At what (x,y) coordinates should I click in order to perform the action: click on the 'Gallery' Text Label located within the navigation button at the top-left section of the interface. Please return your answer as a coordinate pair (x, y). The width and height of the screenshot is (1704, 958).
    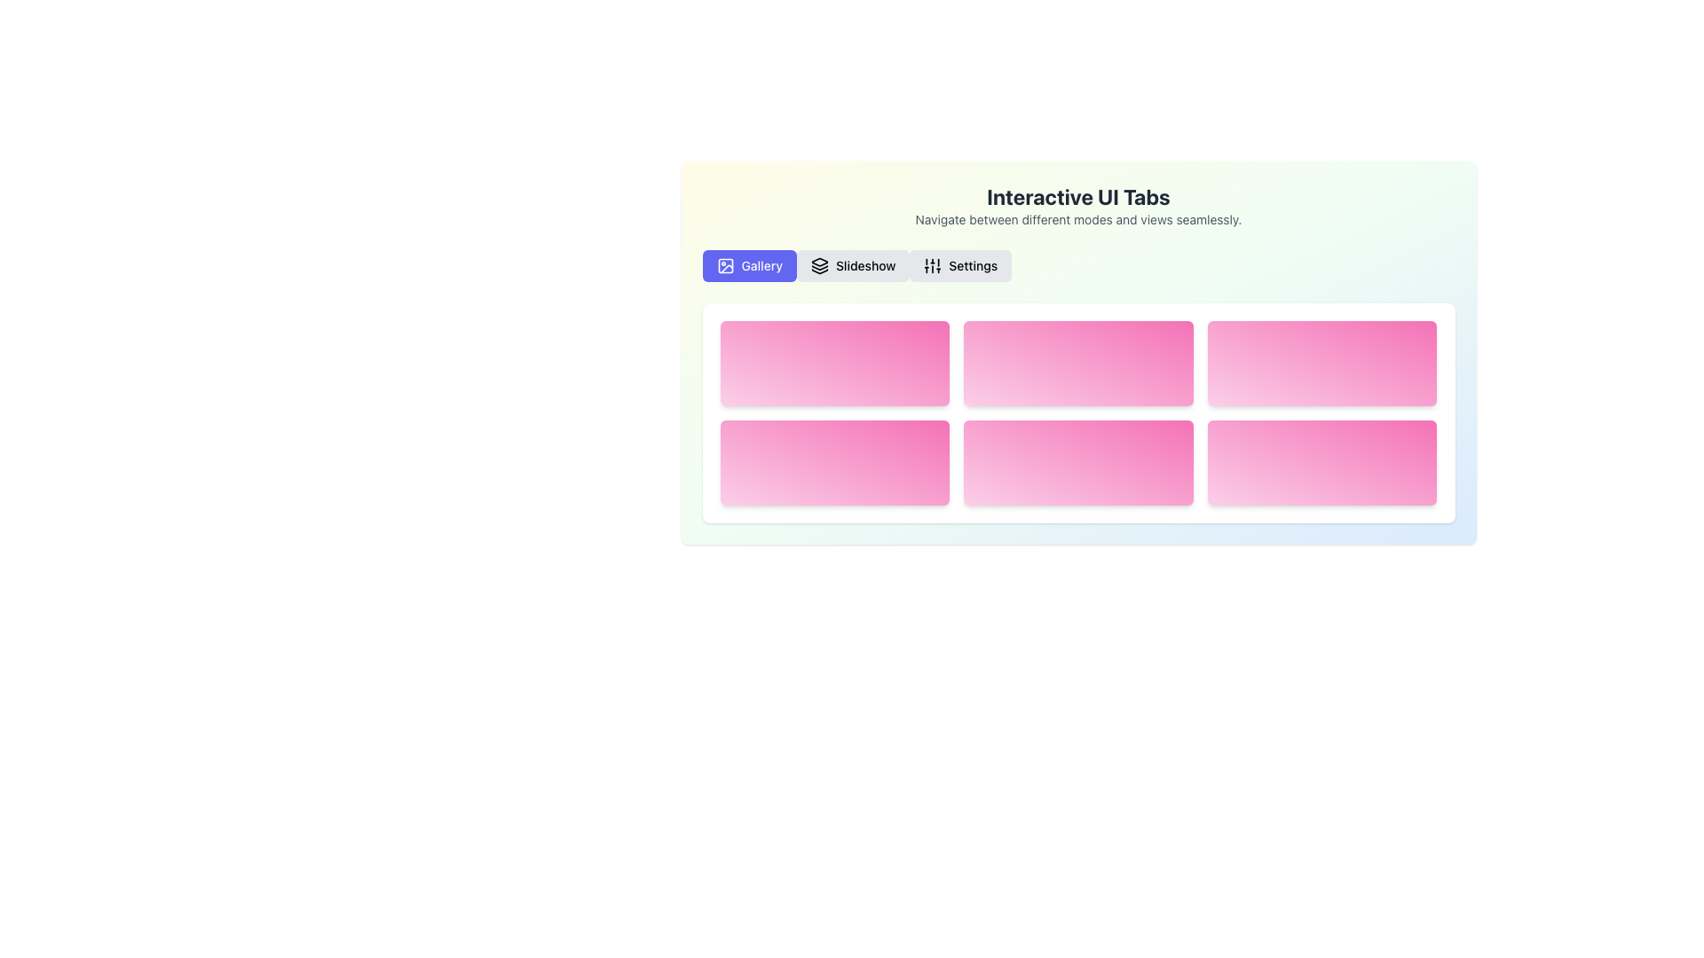
    Looking at the image, I should click on (761, 266).